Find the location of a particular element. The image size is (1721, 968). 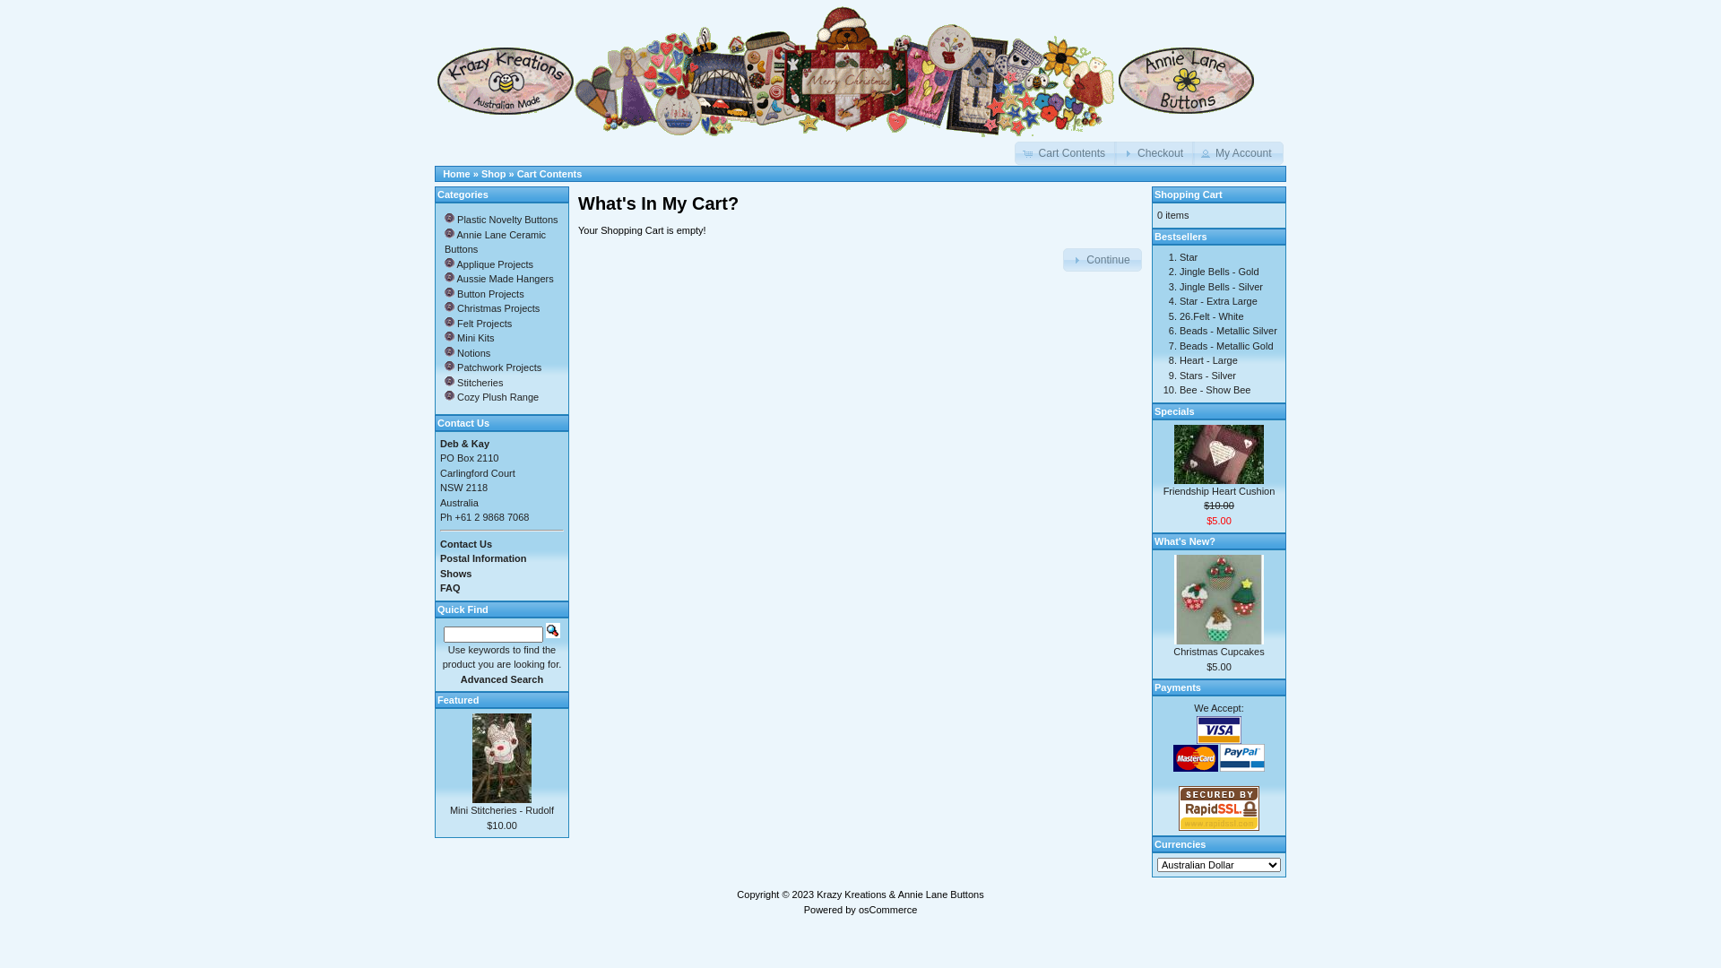

'Jingle Bells - Silver' is located at coordinates (1220, 286).